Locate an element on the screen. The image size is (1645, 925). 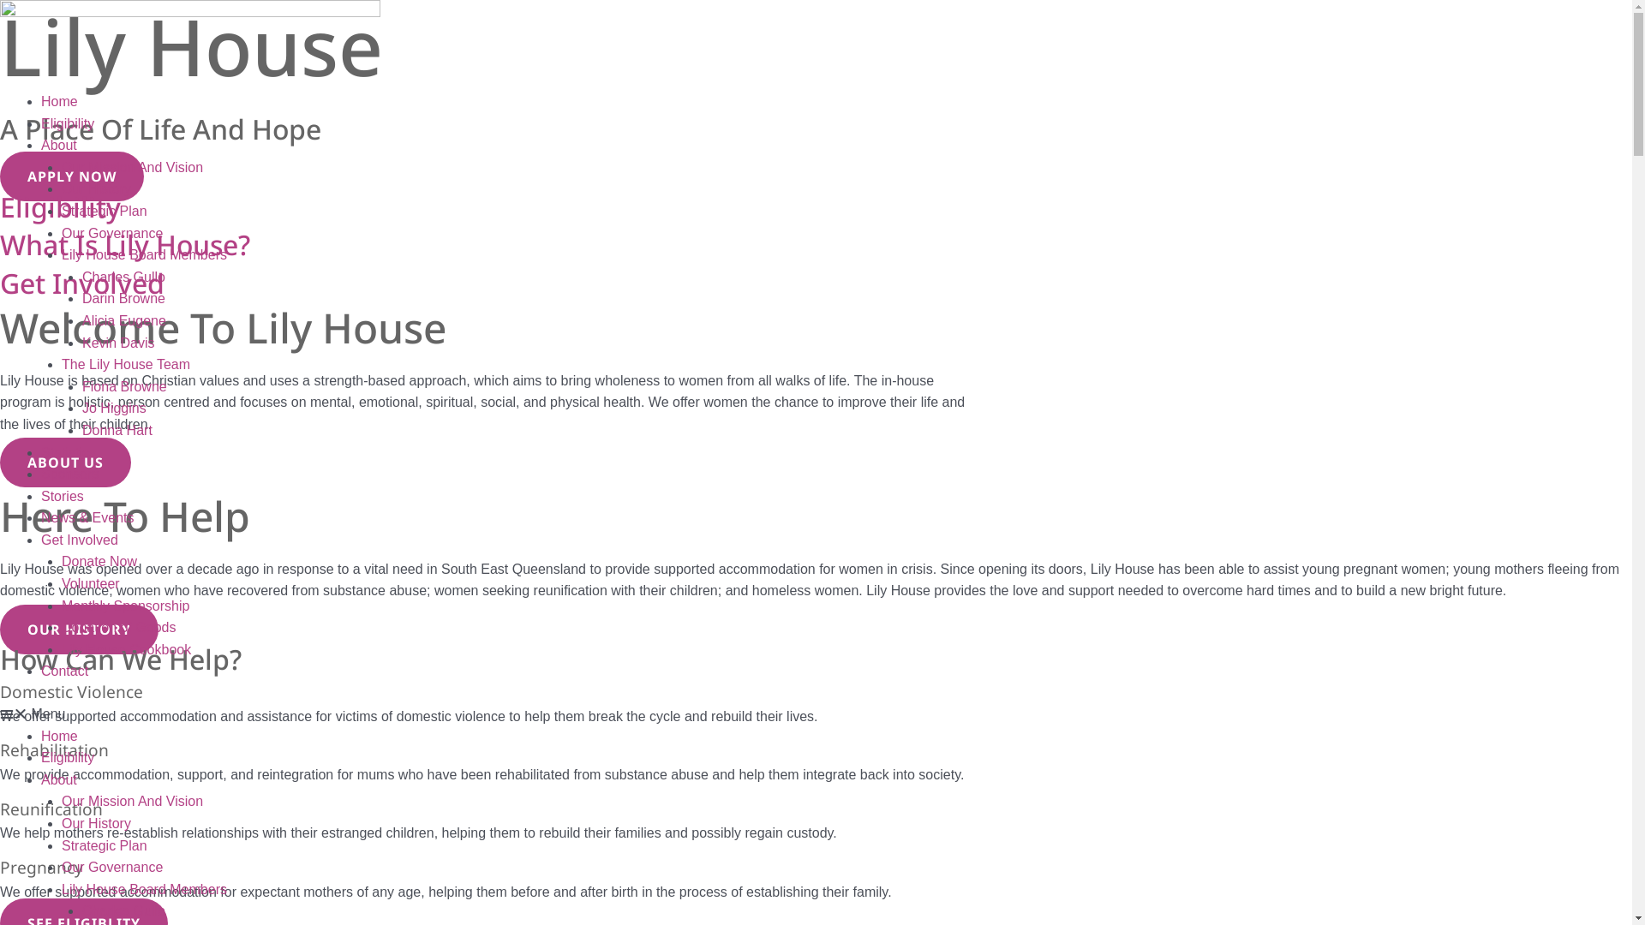
'Our Governance' is located at coordinates (111, 867).